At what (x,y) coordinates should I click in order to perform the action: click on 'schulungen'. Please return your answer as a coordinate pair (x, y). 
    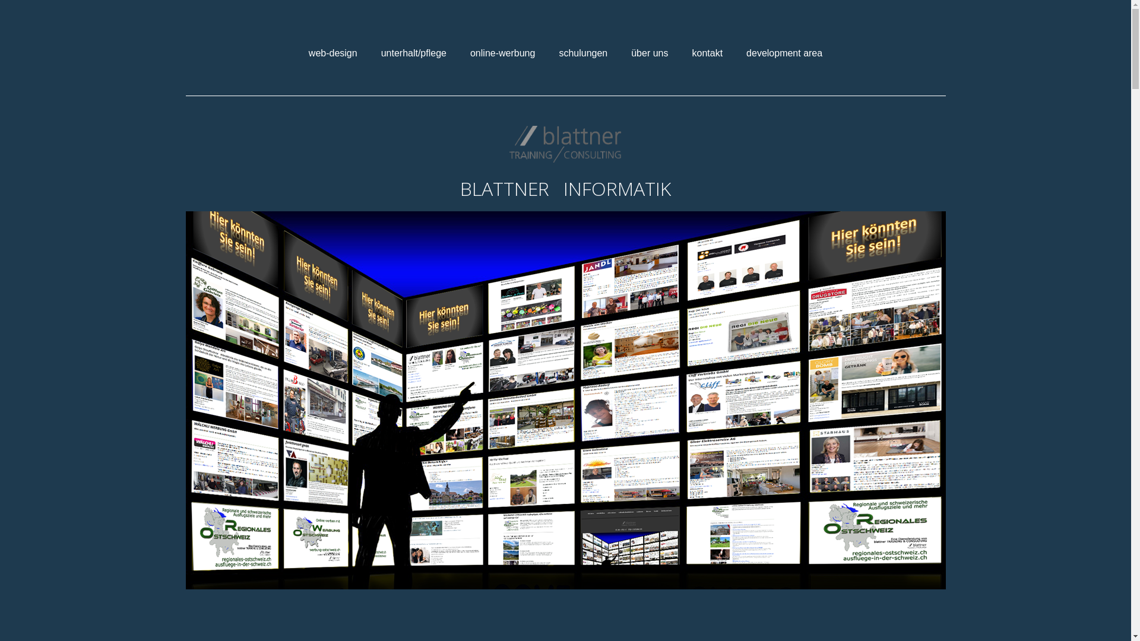
    Looking at the image, I should click on (583, 52).